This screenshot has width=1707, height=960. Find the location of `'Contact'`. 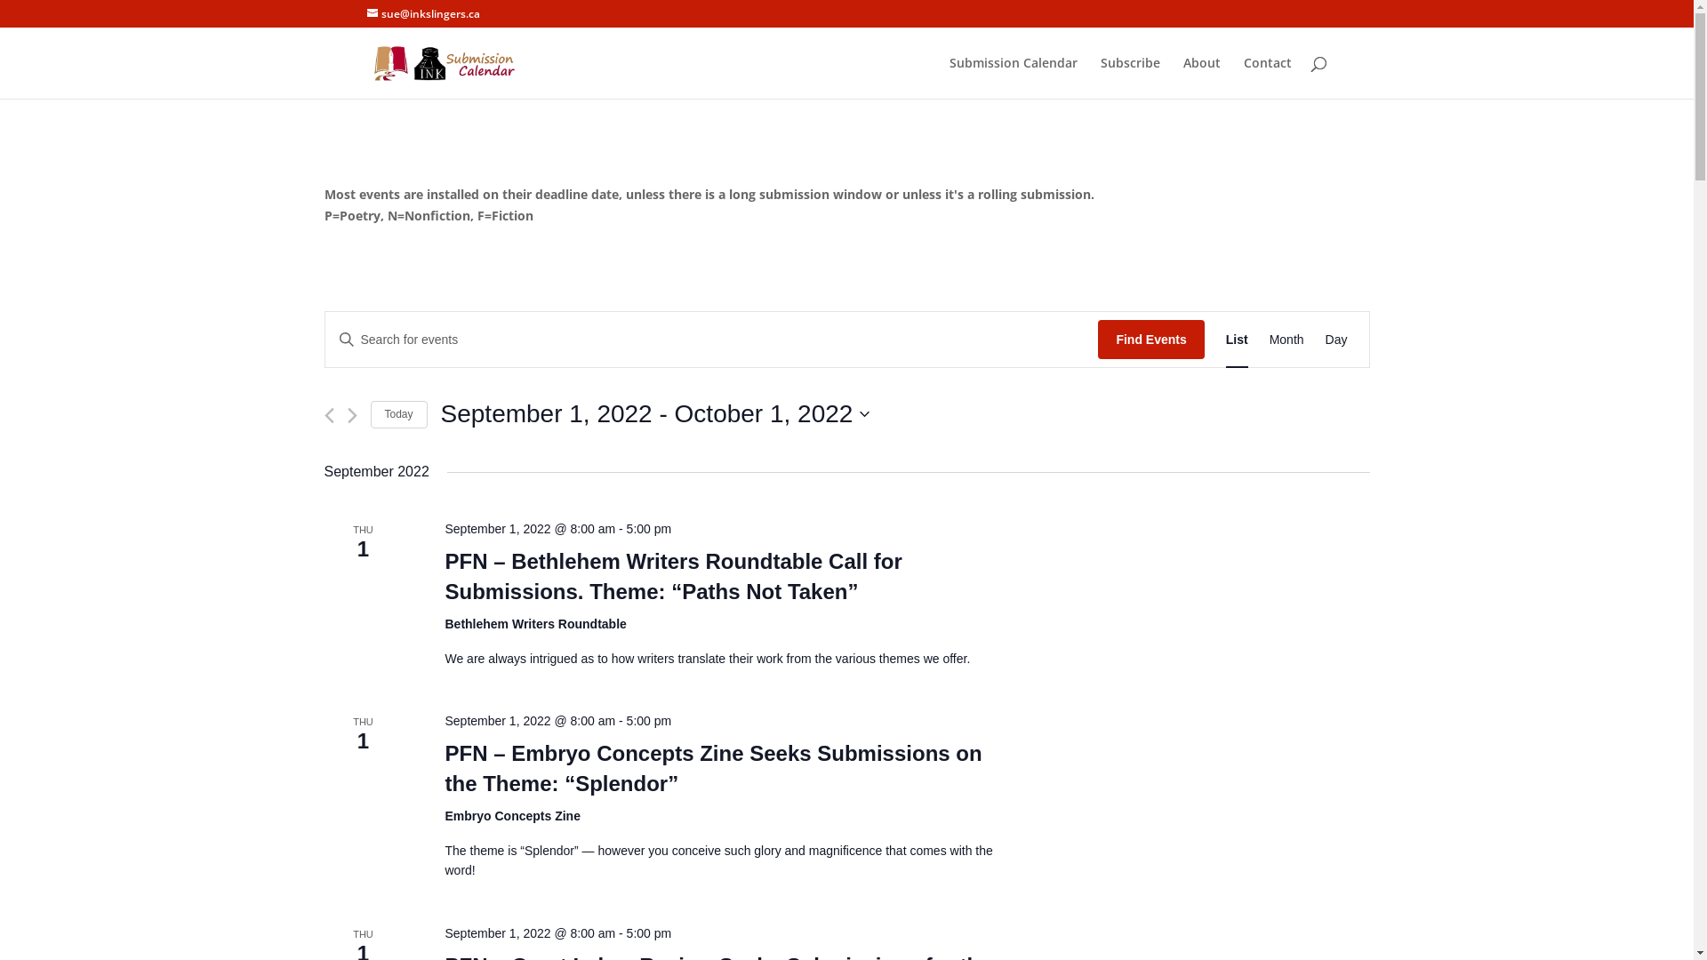

'Contact' is located at coordinates (1266, 76).